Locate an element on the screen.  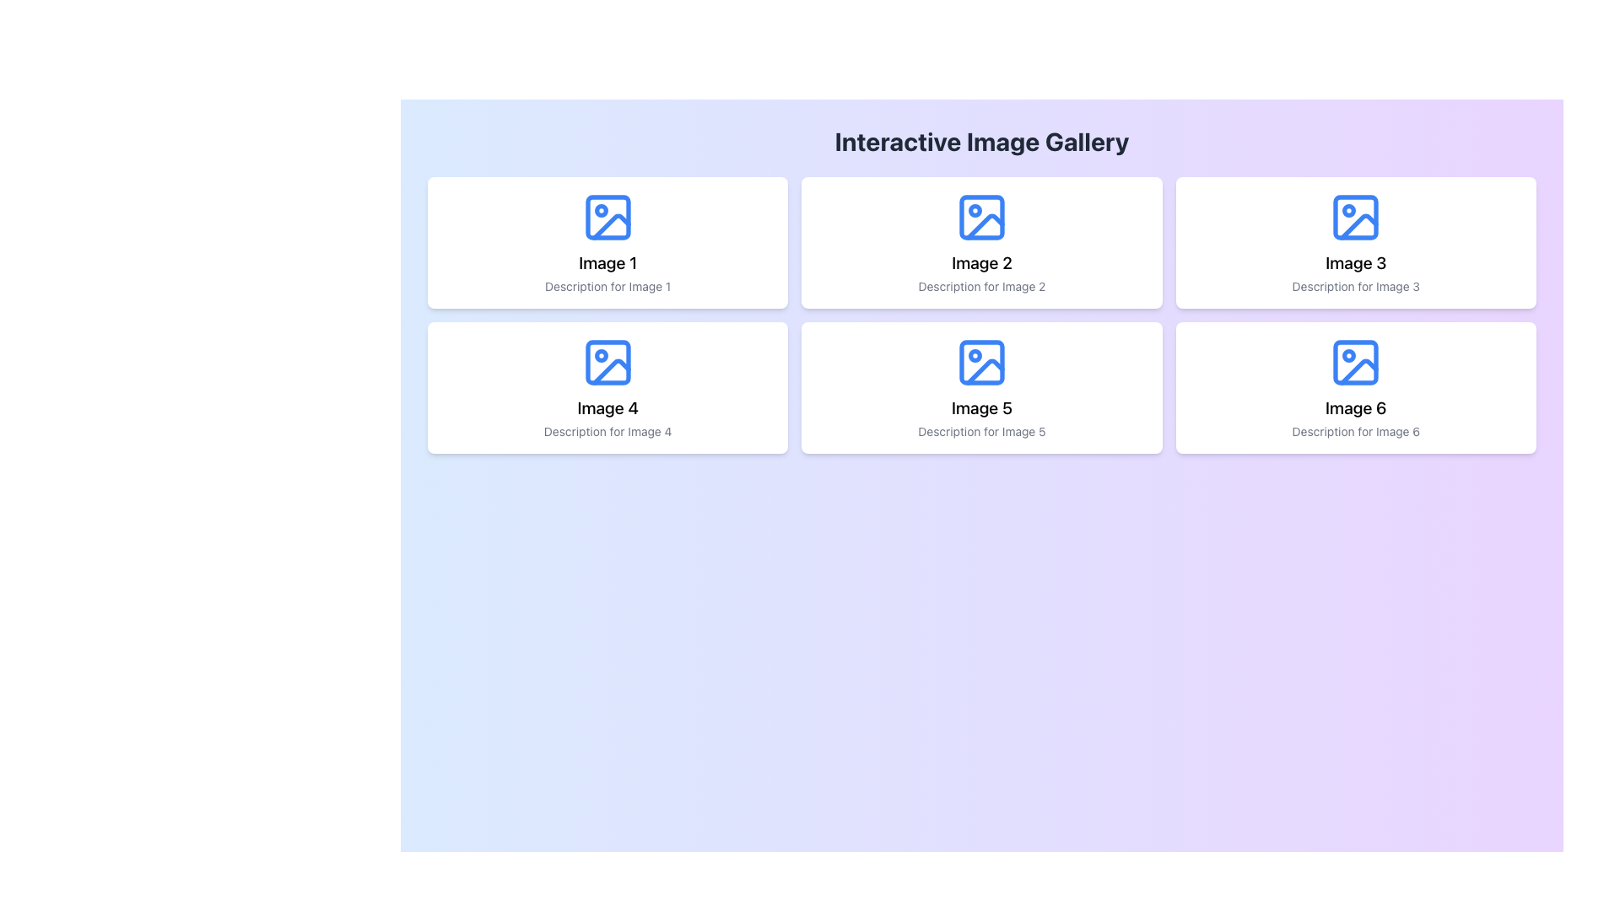
the static text label providing a description for 'Image 2', located below its title within the gallery card is located at coordinates (981, 285).